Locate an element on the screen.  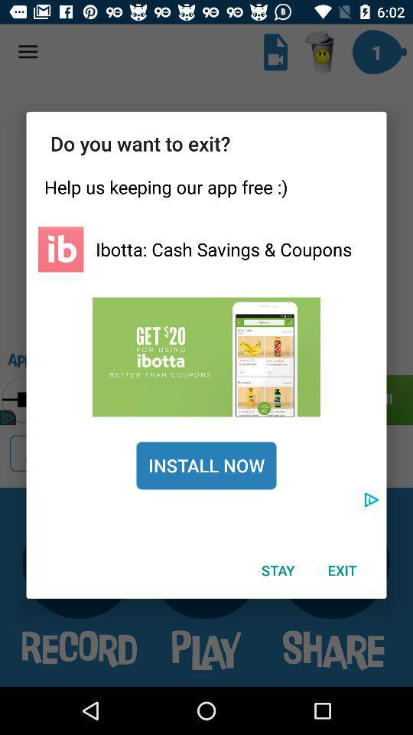
the stay icon is located at coordinates (277, 570).